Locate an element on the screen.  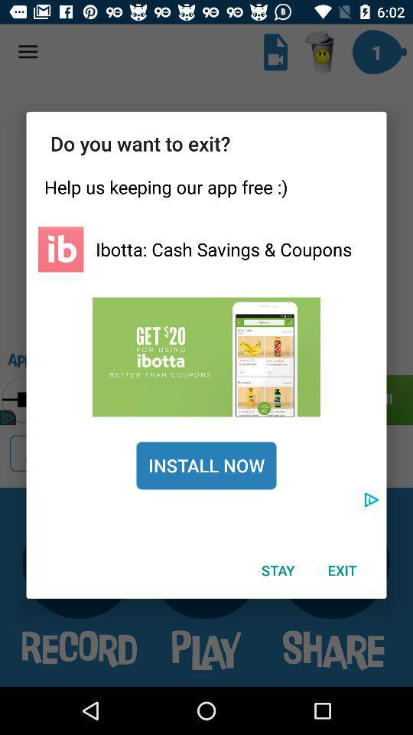
the stay icon is located at coordinates (277, 570).